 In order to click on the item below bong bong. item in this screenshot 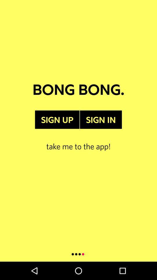, I will do `click(57, 119)`.